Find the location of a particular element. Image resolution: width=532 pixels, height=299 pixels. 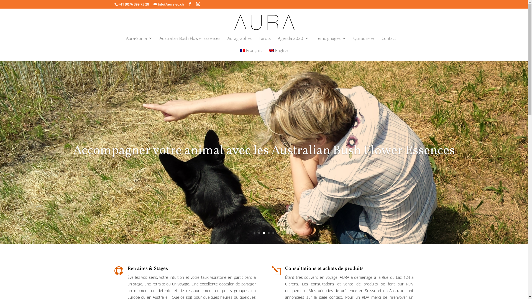

'English' is located at coordinates (268, 54).